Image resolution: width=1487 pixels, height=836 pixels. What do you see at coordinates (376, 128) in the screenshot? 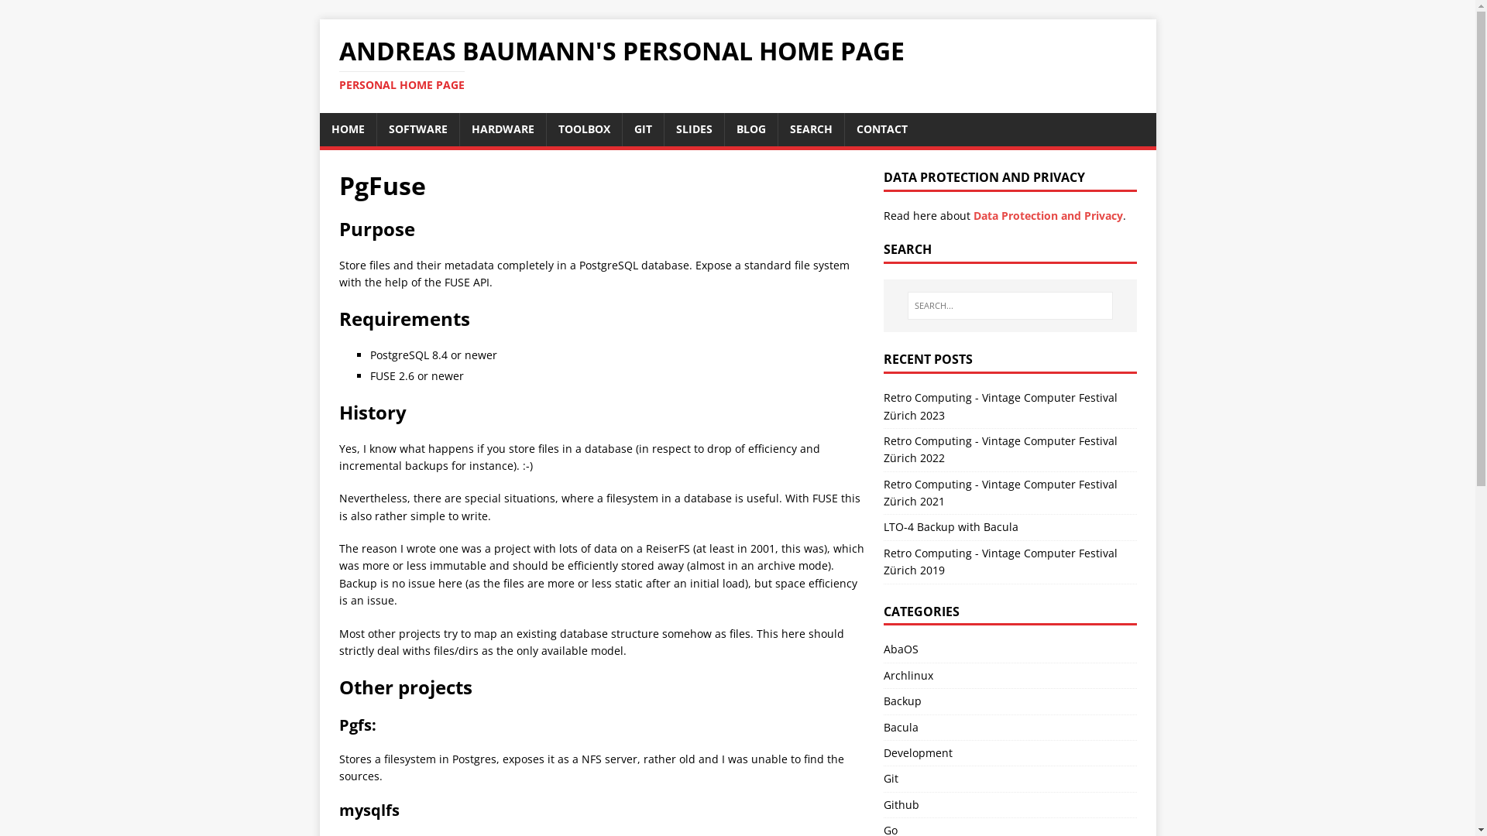
I see `'SOFTWARE'` at bounding box center [376, 128].